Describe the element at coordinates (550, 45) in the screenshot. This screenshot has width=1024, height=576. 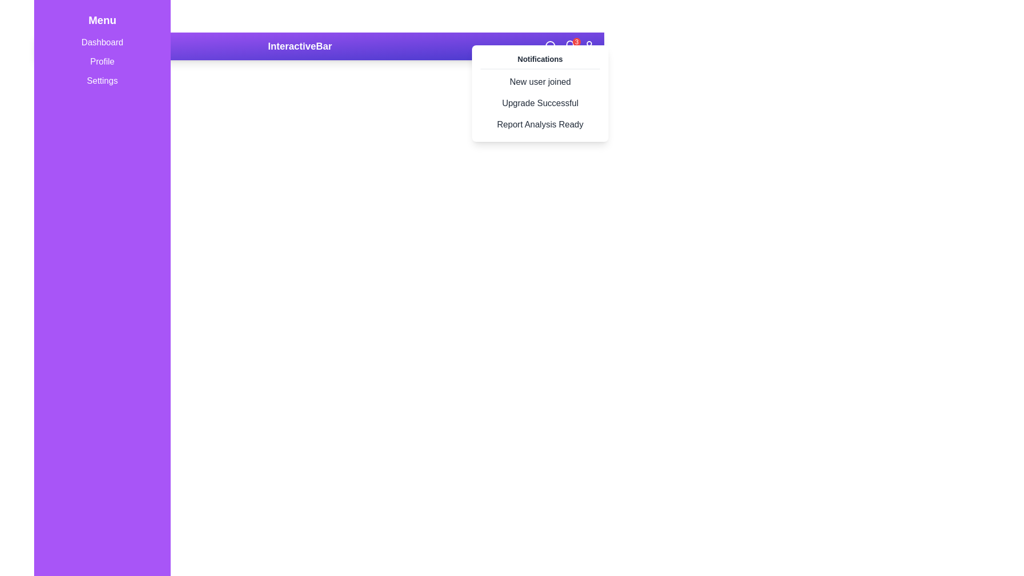
I see `small circular component within the magnifying glass icon located in the top-right of the interface by clicking on it` at that location.